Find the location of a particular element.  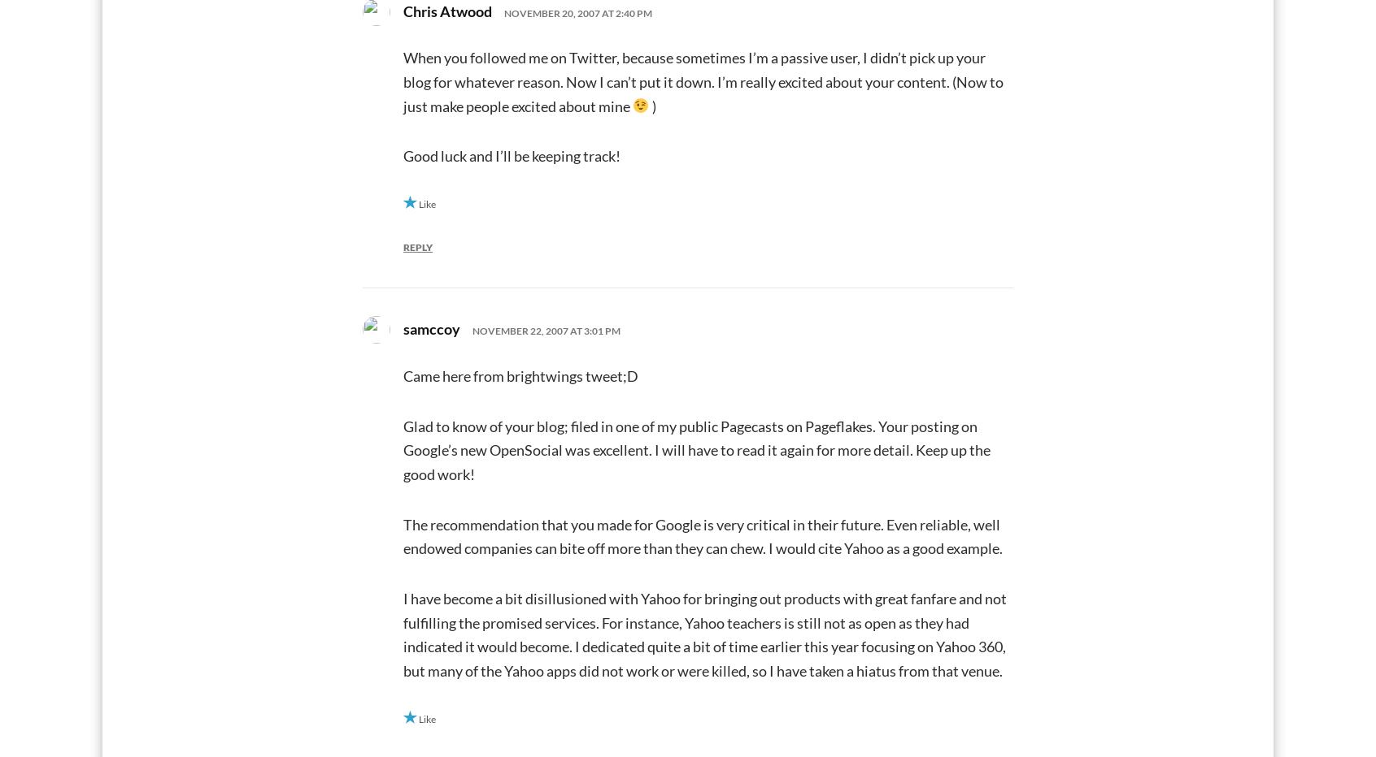

'Reply' is located at coordinates (418, 246).